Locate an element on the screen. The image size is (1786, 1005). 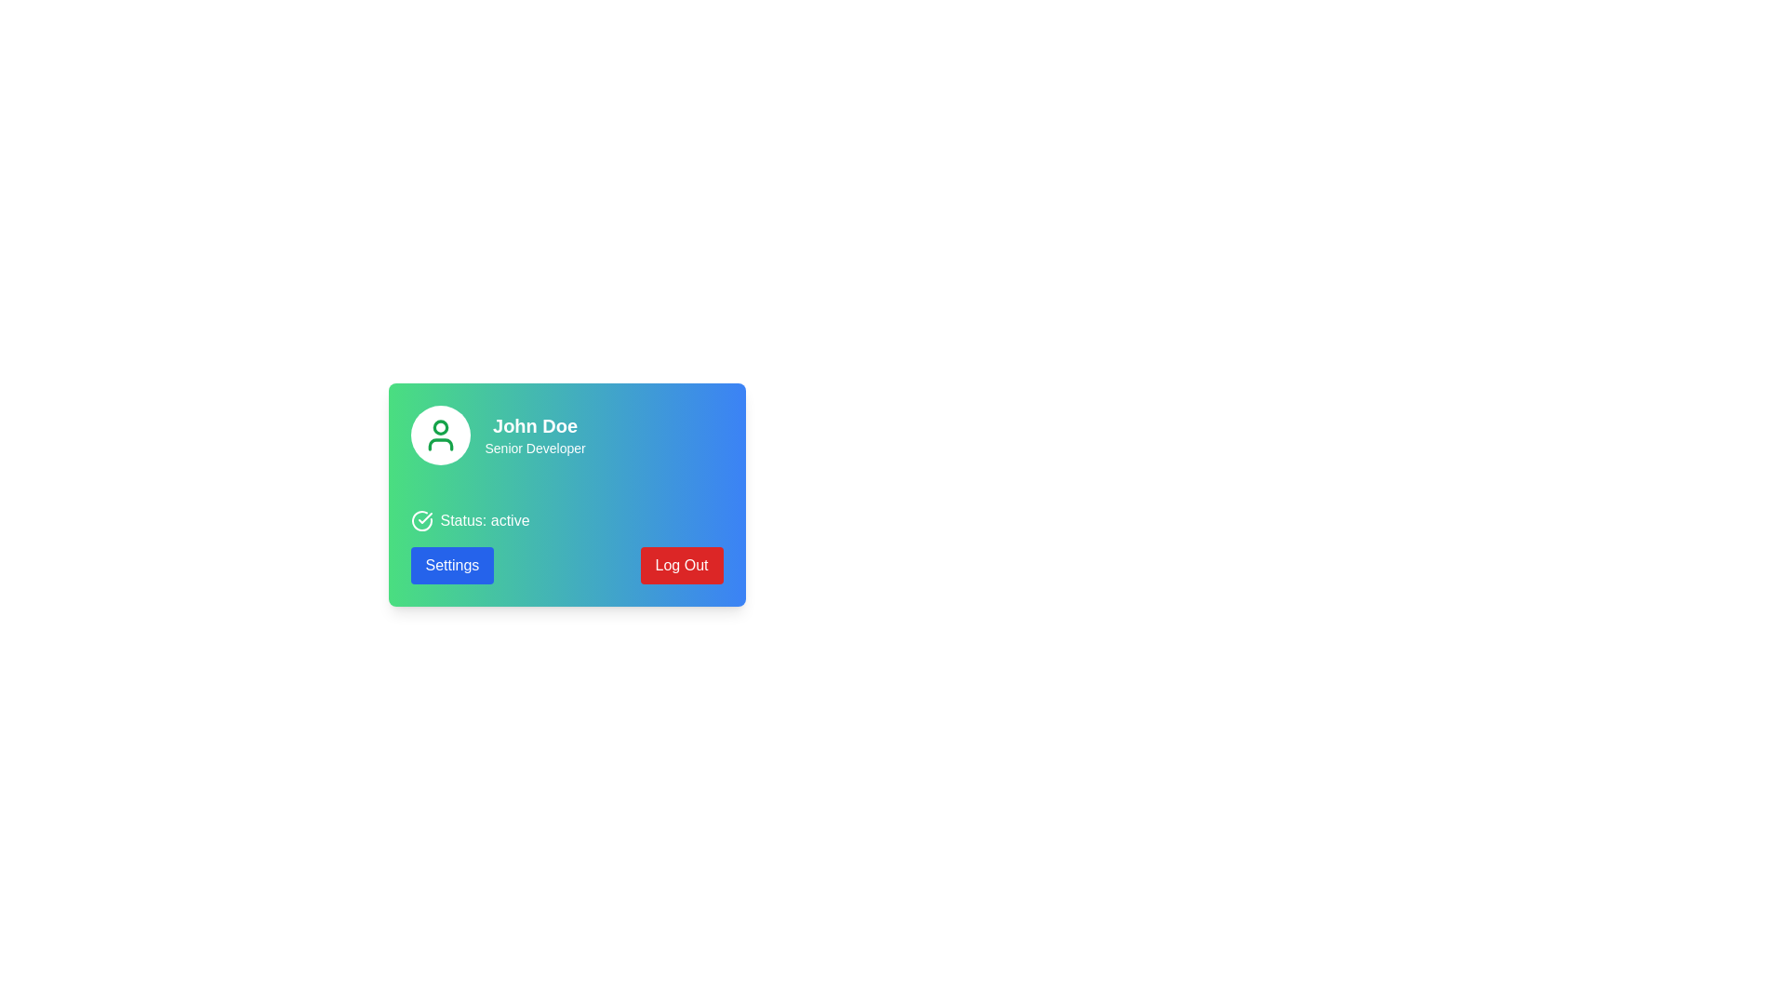
the circular user icon with a white background and green user icon located at the top-left corner of the user profile card, adjacent to 'John Doe' and 'Senior Developer' is located at coordinates (439, 435).